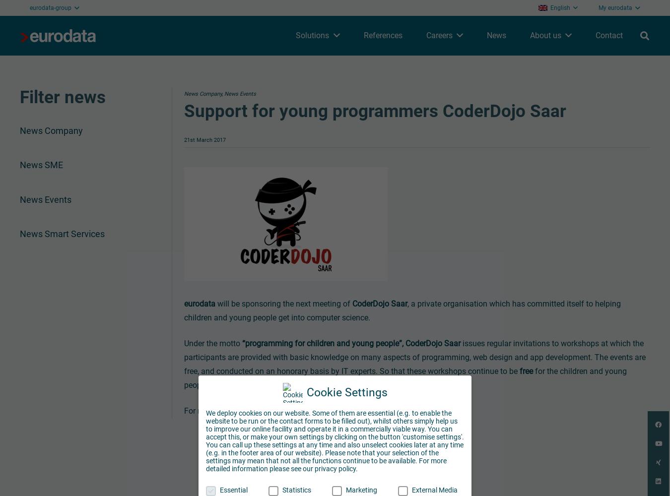 The image size is (670, 496). I want to click on 'News', so click(496, 34).